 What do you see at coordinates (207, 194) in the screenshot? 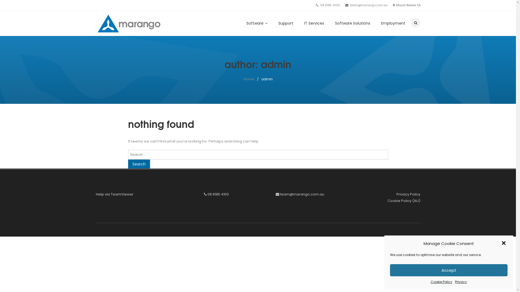
I see `'08 8185 4100'` at bounding box center [207, 194].